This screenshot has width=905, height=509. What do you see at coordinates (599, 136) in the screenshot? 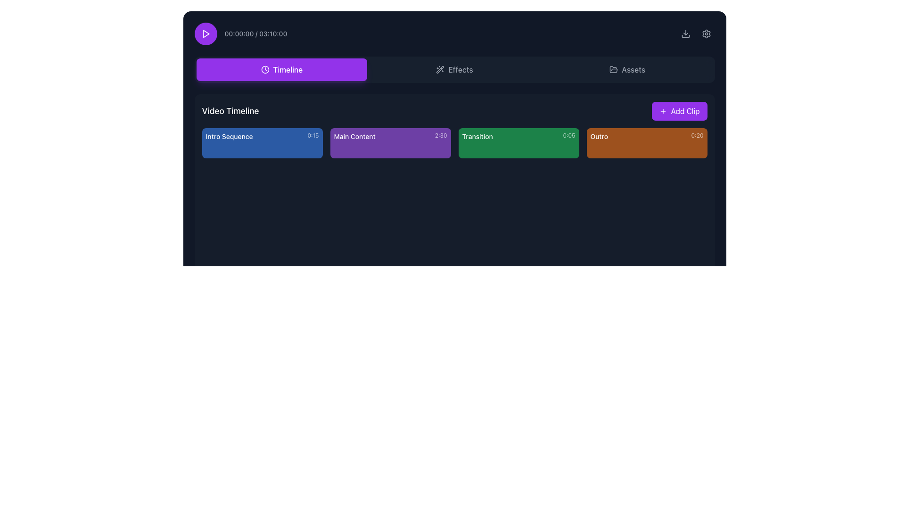
I see `the static text label 'Outro'` at bounding box center [599, 136].